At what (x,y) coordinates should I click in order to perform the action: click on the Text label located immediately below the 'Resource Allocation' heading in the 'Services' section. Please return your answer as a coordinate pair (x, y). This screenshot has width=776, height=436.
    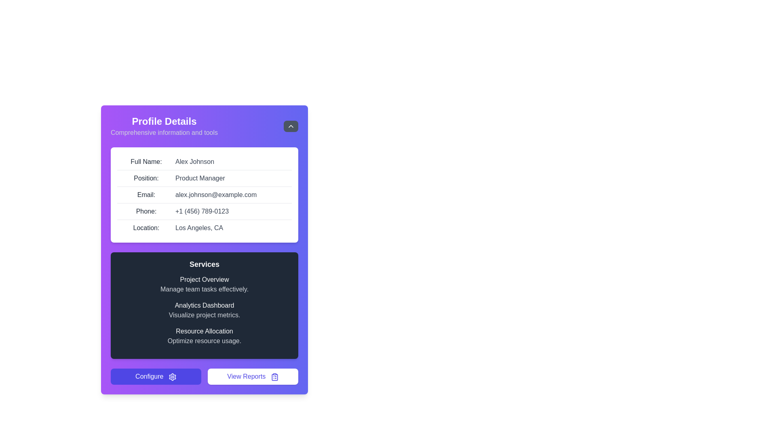
    Looking at the image, I should click on (204, 341).